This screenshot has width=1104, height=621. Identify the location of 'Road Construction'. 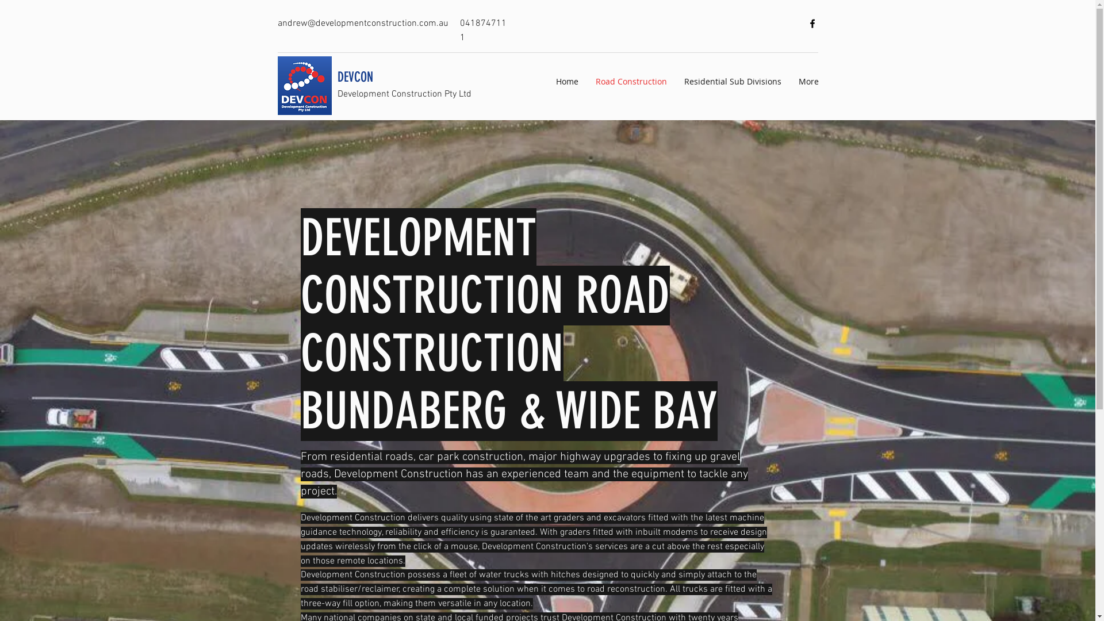
(630, 81).